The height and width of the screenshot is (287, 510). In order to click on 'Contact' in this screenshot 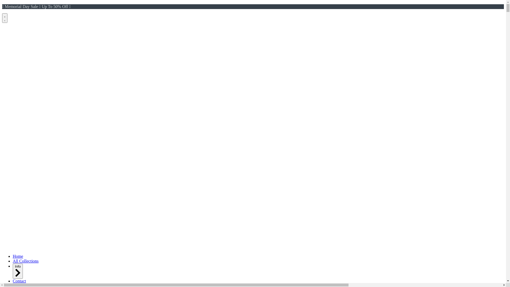, I will do `click(19, 281)`.